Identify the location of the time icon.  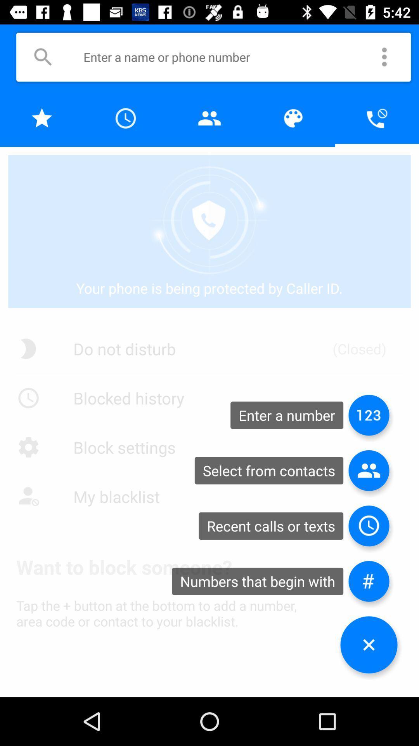
(369, 526).